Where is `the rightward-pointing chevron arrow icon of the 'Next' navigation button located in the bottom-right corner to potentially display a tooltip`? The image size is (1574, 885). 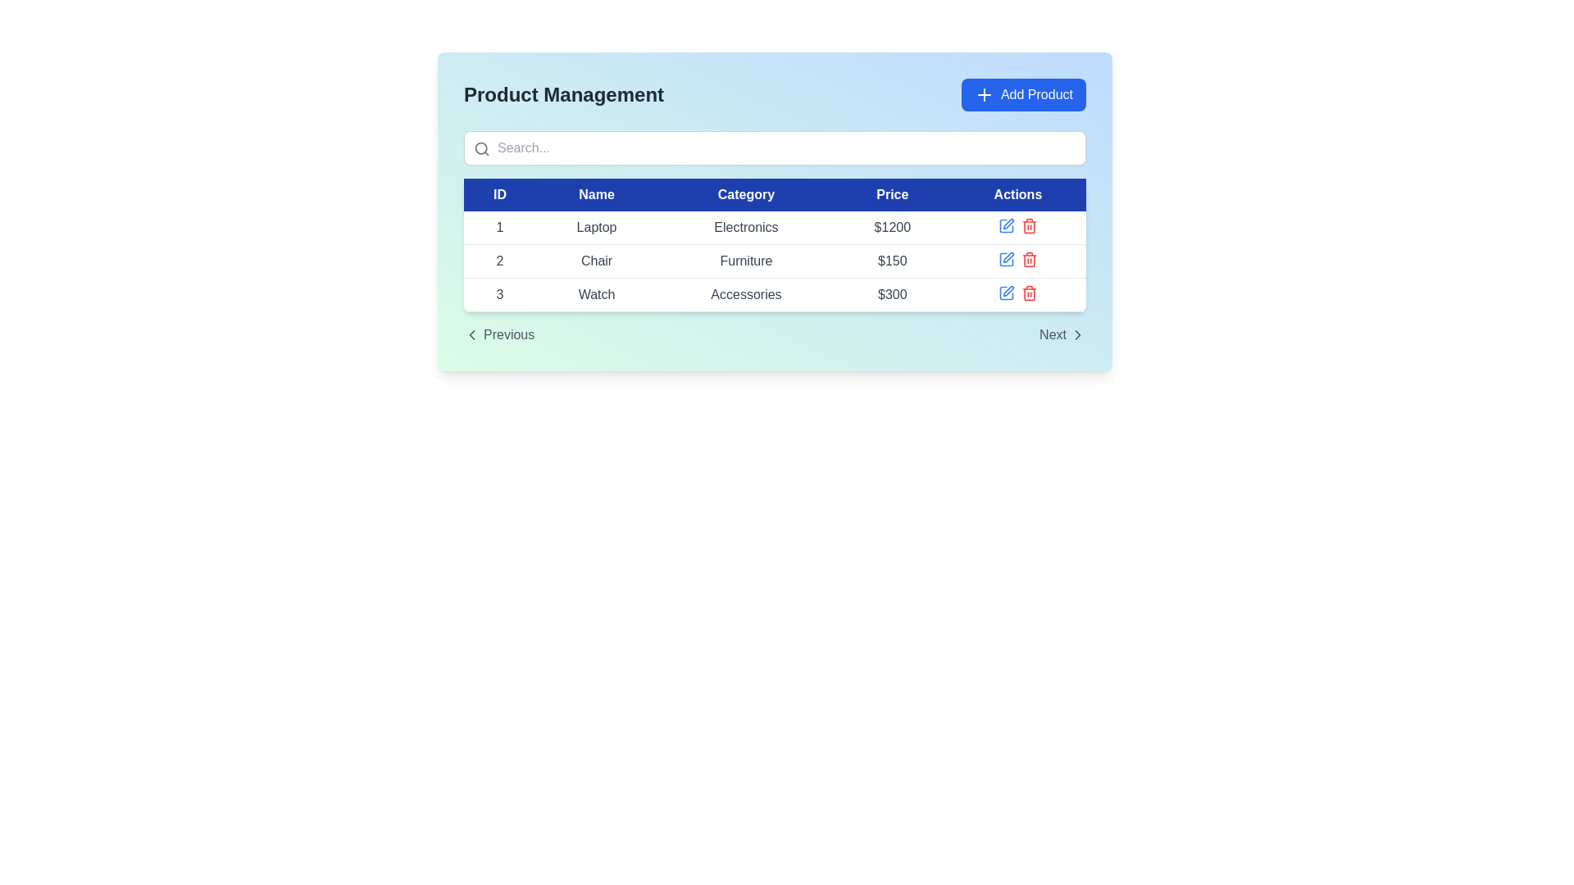 the rightward-pointing chevron arrow icon of the 'Next' navigation button located in the bottom-right corner to potentially display a tooltip is located at coordinates (1078, 334).